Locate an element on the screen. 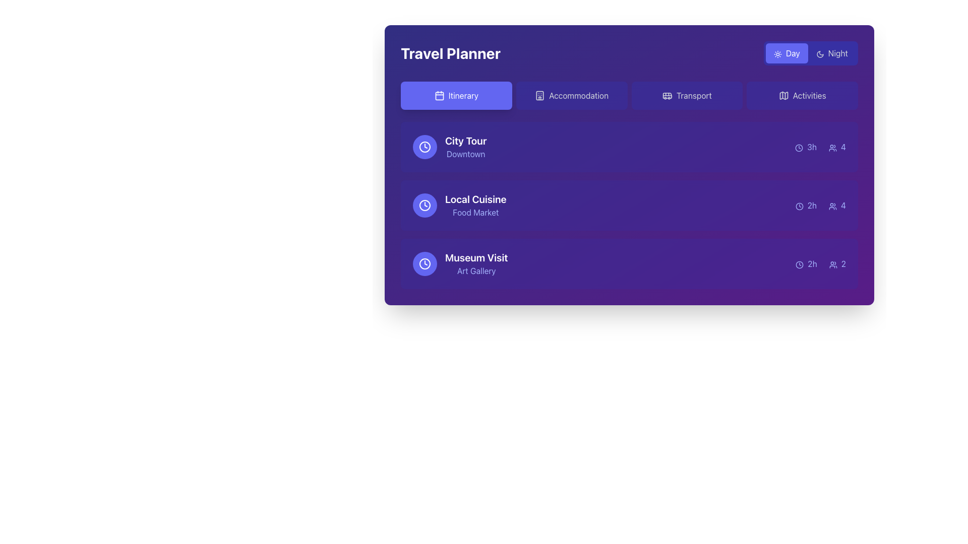  the text label that serves as a descriptor for the 'City Tour' title, located in the second row beneath the main title, aligned with the left margin is located at coordinates (465, 154).